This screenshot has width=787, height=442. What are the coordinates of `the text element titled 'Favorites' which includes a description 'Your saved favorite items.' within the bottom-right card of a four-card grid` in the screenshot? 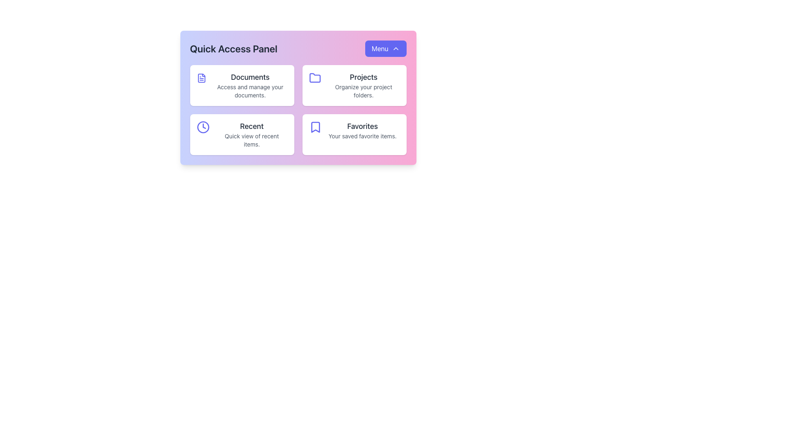 It's located at (362, 134).